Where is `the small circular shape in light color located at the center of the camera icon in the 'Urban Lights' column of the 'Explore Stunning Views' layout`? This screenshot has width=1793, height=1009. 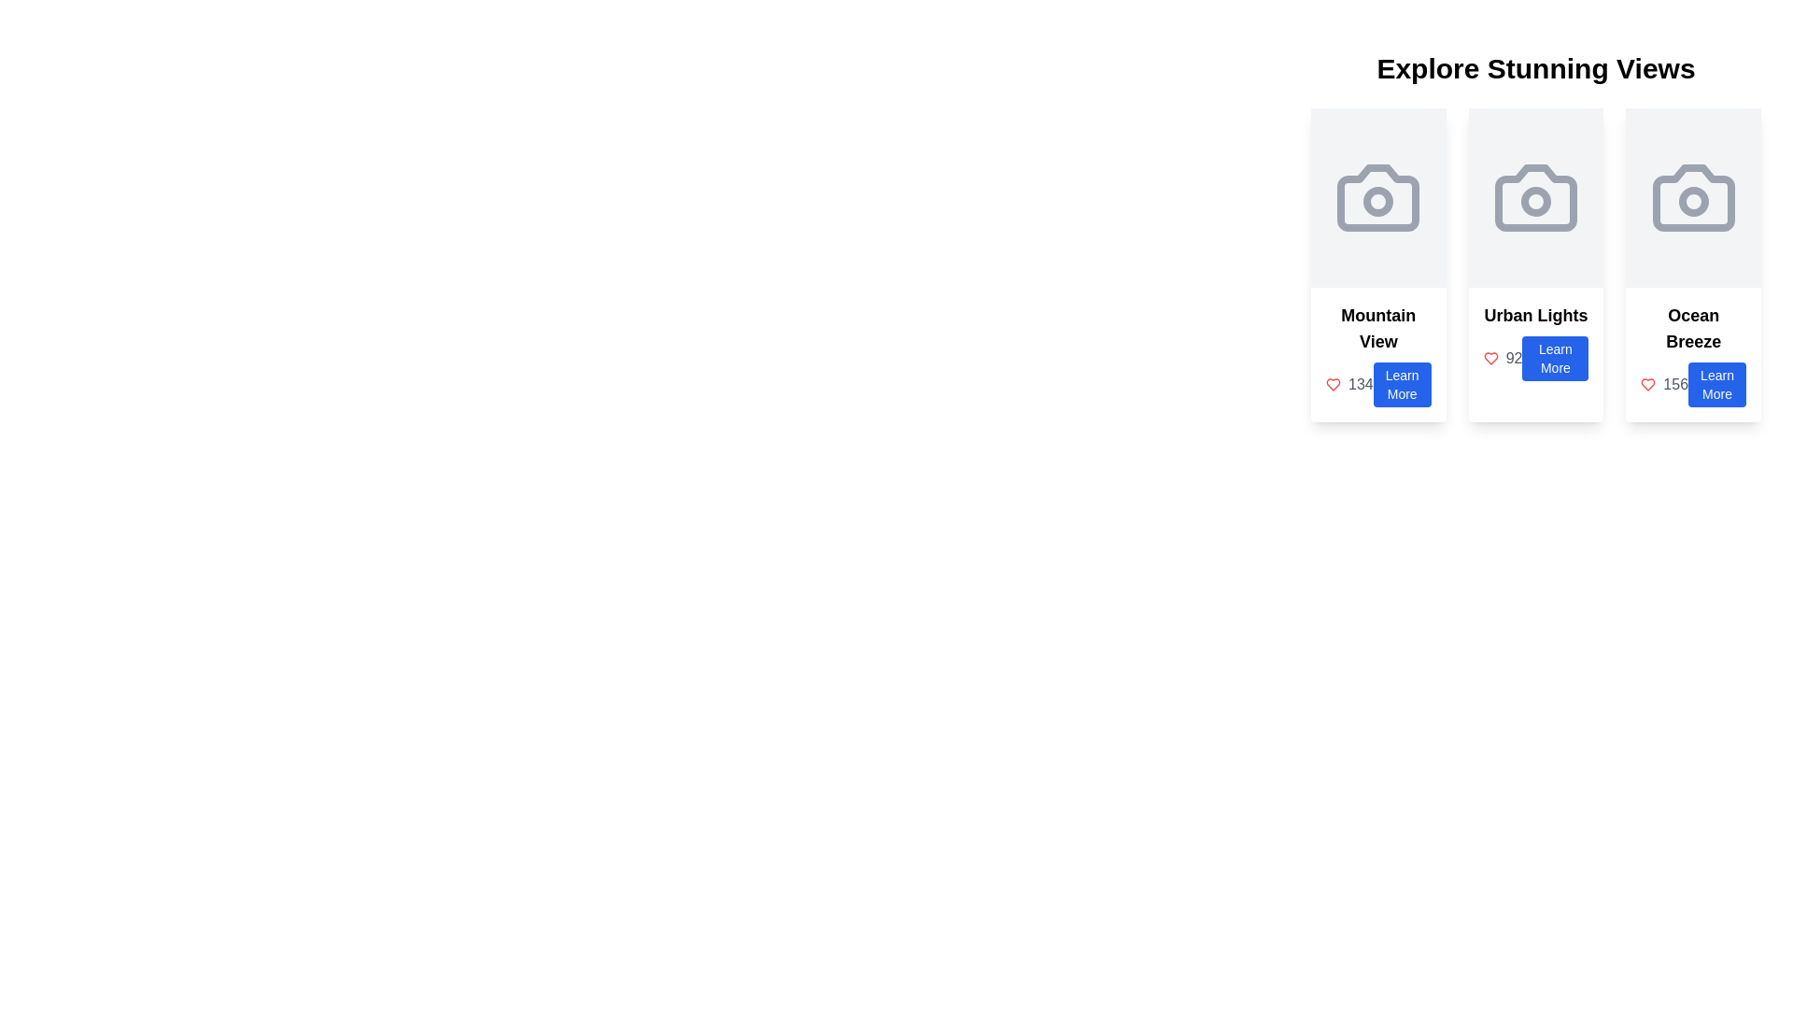
the small circular shape in light color located at the center of the camera icon in the 'Urban Lights' column of the 'Explore Stunning Views' layout is located at coordinates (1536, 202).